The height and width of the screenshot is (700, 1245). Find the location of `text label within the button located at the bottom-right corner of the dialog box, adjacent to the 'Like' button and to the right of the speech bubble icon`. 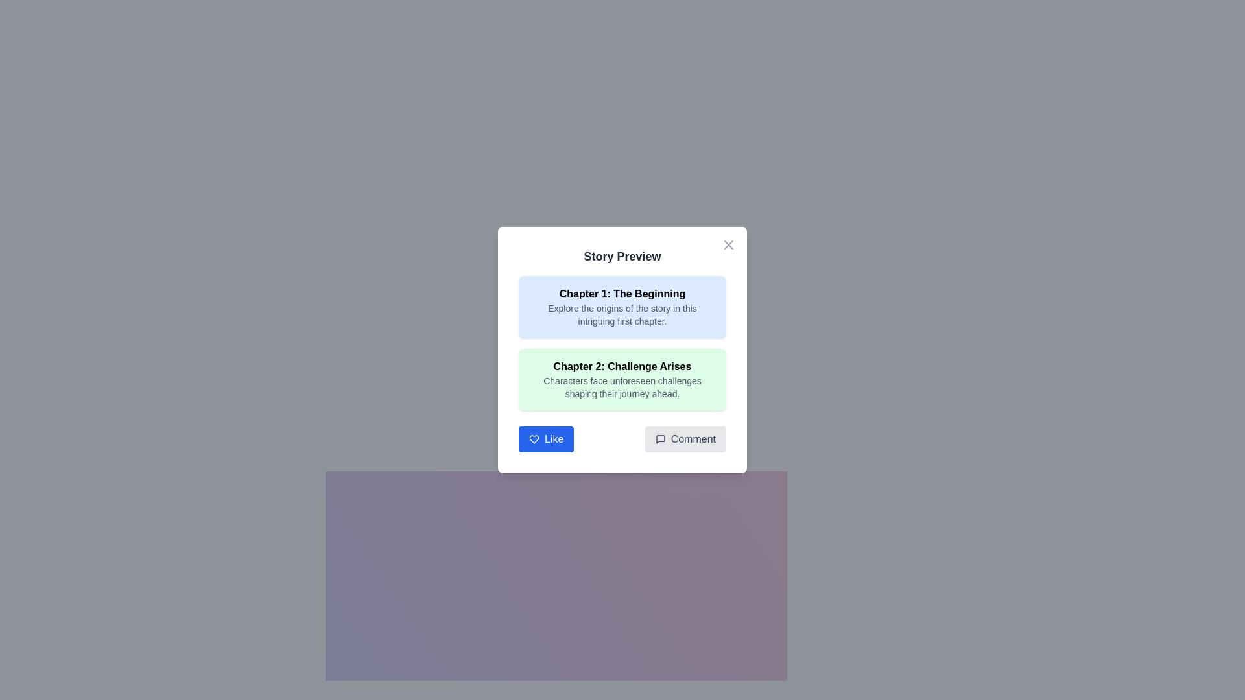

text label within the button located at the bottom-right corner of the dialog box, adjacent to the 'Like' button and to the right of the speech bubble icon is located at coordinates (693, 439).